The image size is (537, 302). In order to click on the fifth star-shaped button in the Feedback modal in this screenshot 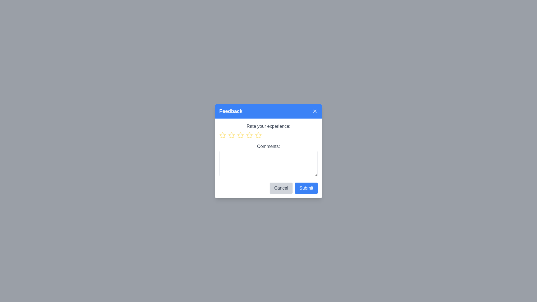, I will do `click(258, 135)`.